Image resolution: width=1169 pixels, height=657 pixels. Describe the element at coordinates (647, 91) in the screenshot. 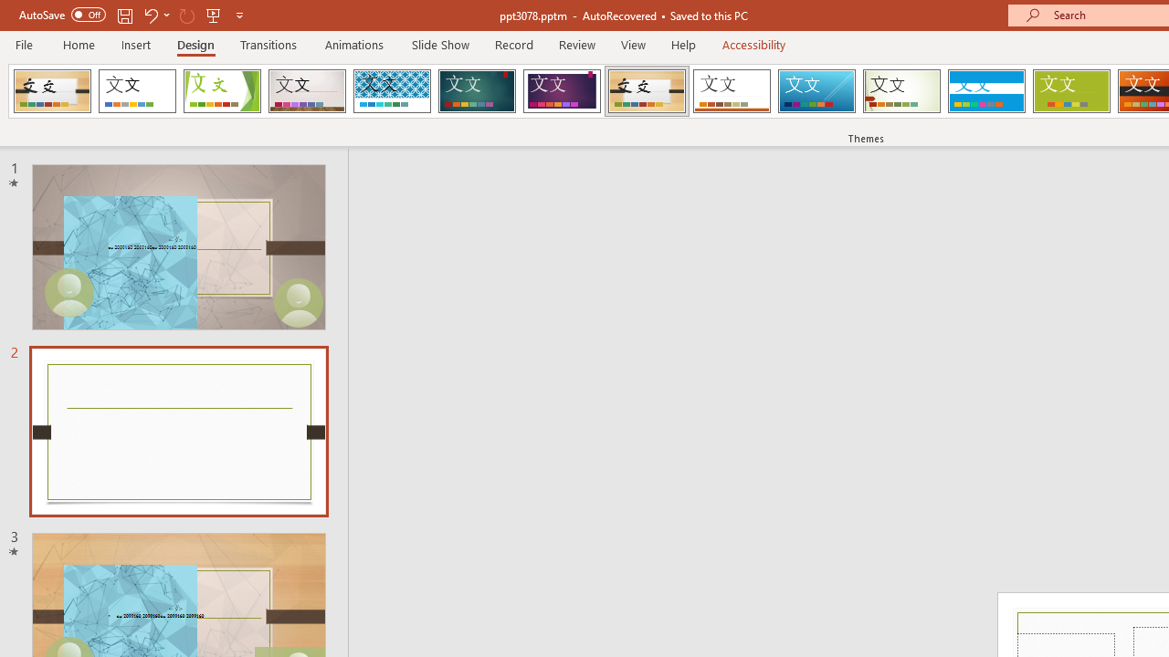

I see `'Organic'` at that location.